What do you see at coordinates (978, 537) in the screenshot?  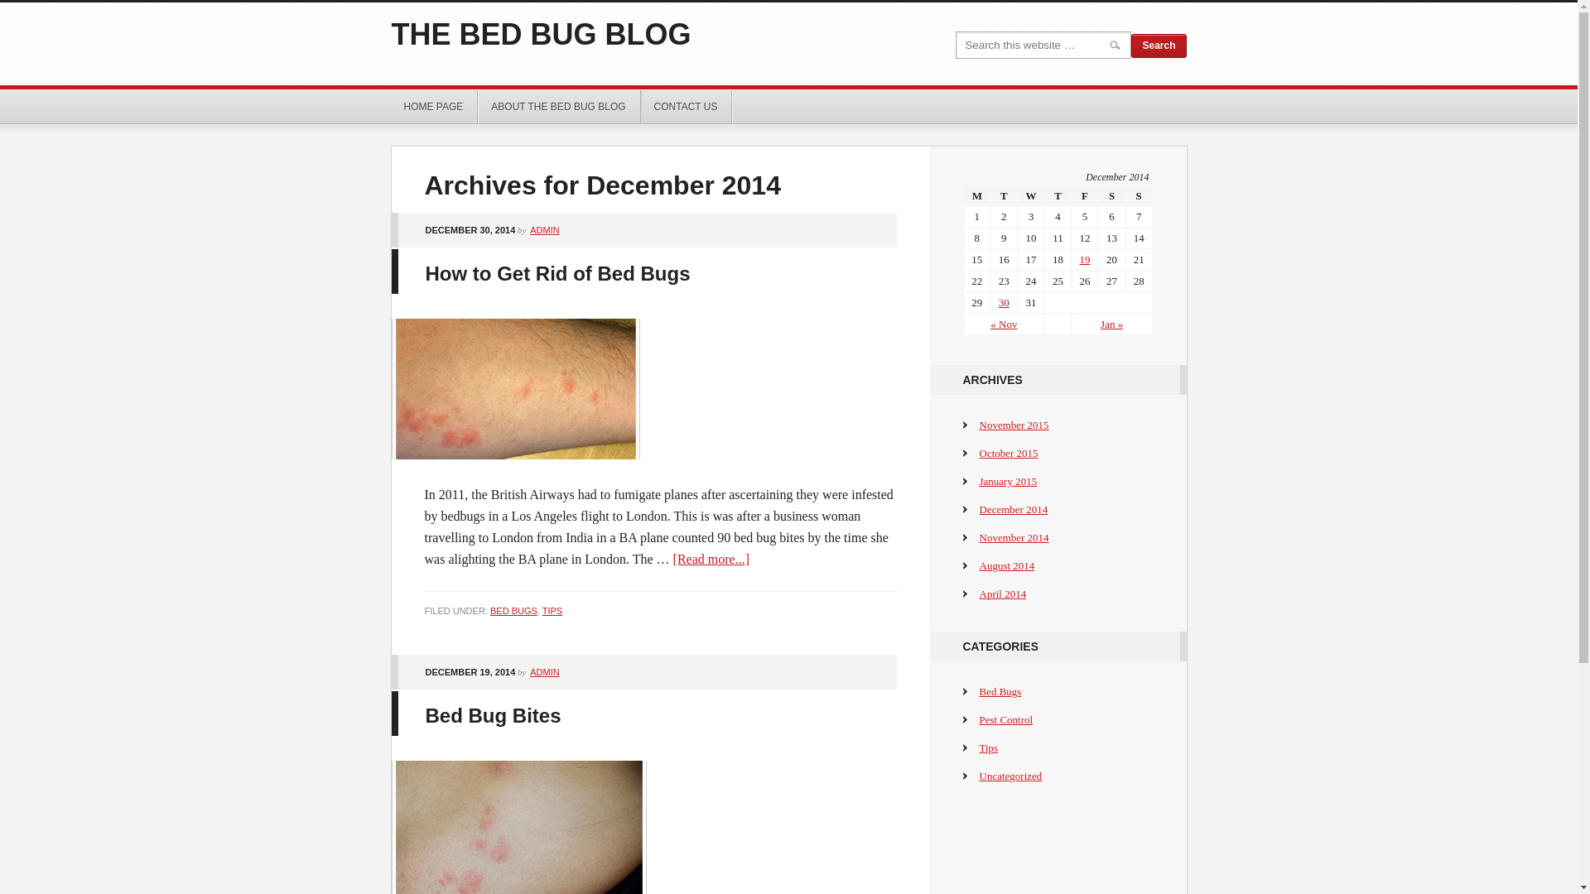 I see `'November 2014'` at bounding box center [978, 537].